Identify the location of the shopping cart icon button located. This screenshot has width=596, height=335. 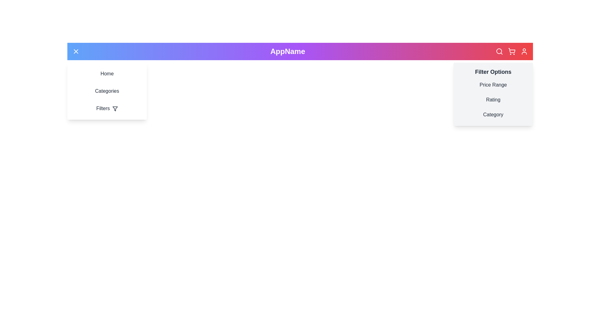
(512, 51).